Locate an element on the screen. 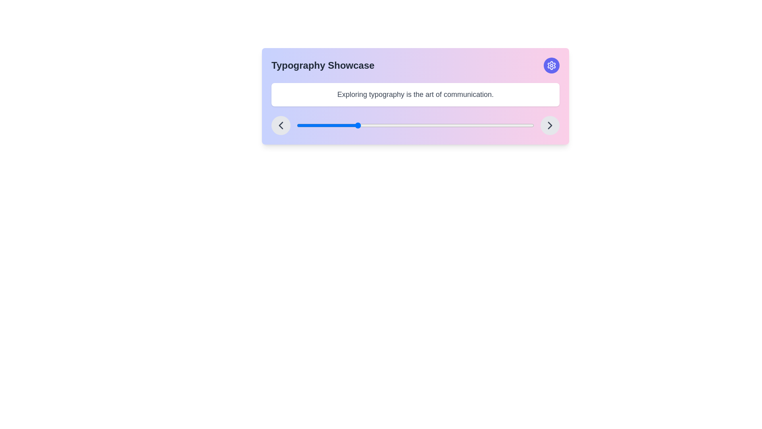  the slider is located at coordinates (366, 125).